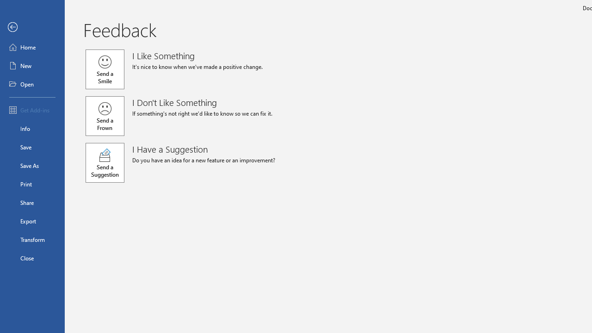  What do you see at coordinates (32, 239) in the screenshot?
I see `'Transform'` at bounding box center [32, 239].